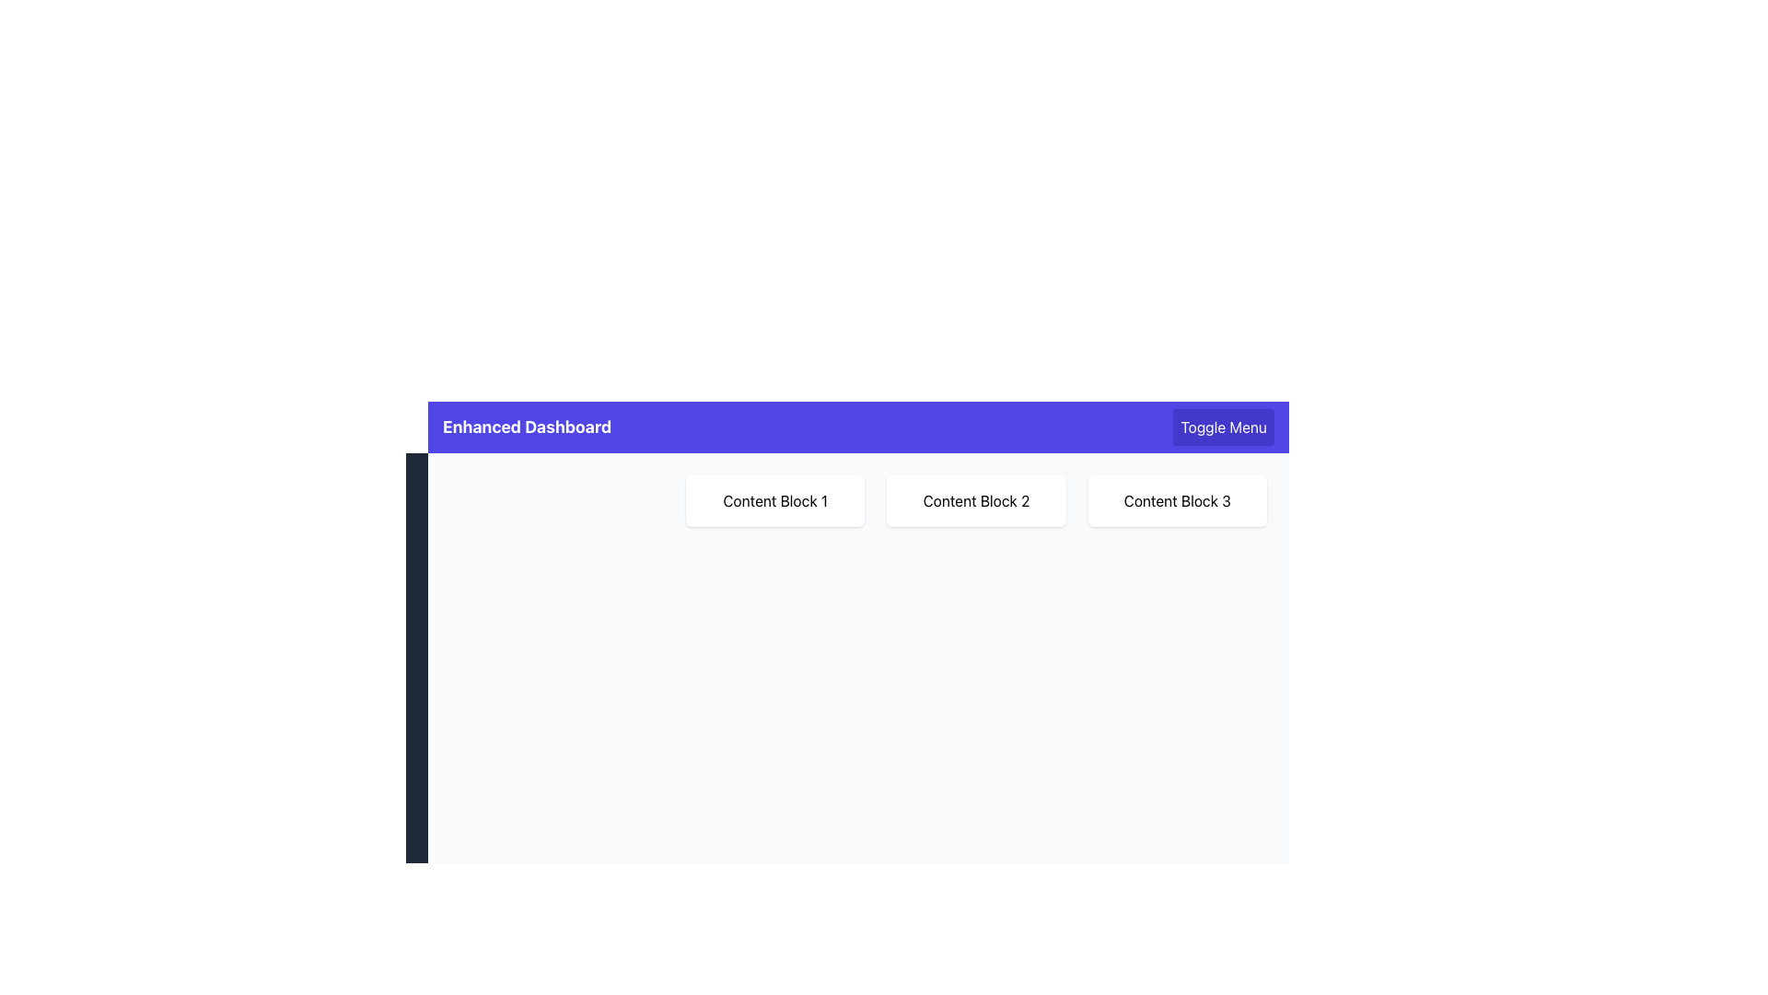  Describe the element at coordinates (975, 500) in the screenshot. I see `the second Content Box, which is centrally positioned between two other content blocks labeled 'Content Block 1' and 'Content Block 3', located below the navigation bar` at that location.